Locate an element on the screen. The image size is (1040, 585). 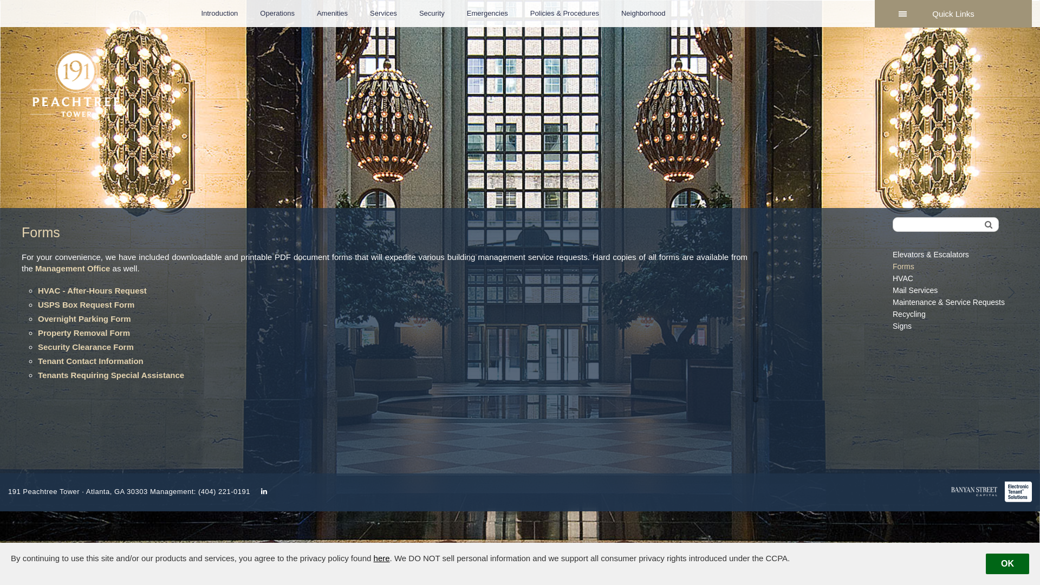
'(404) 221-0191' is located at coordinates (223, 491).